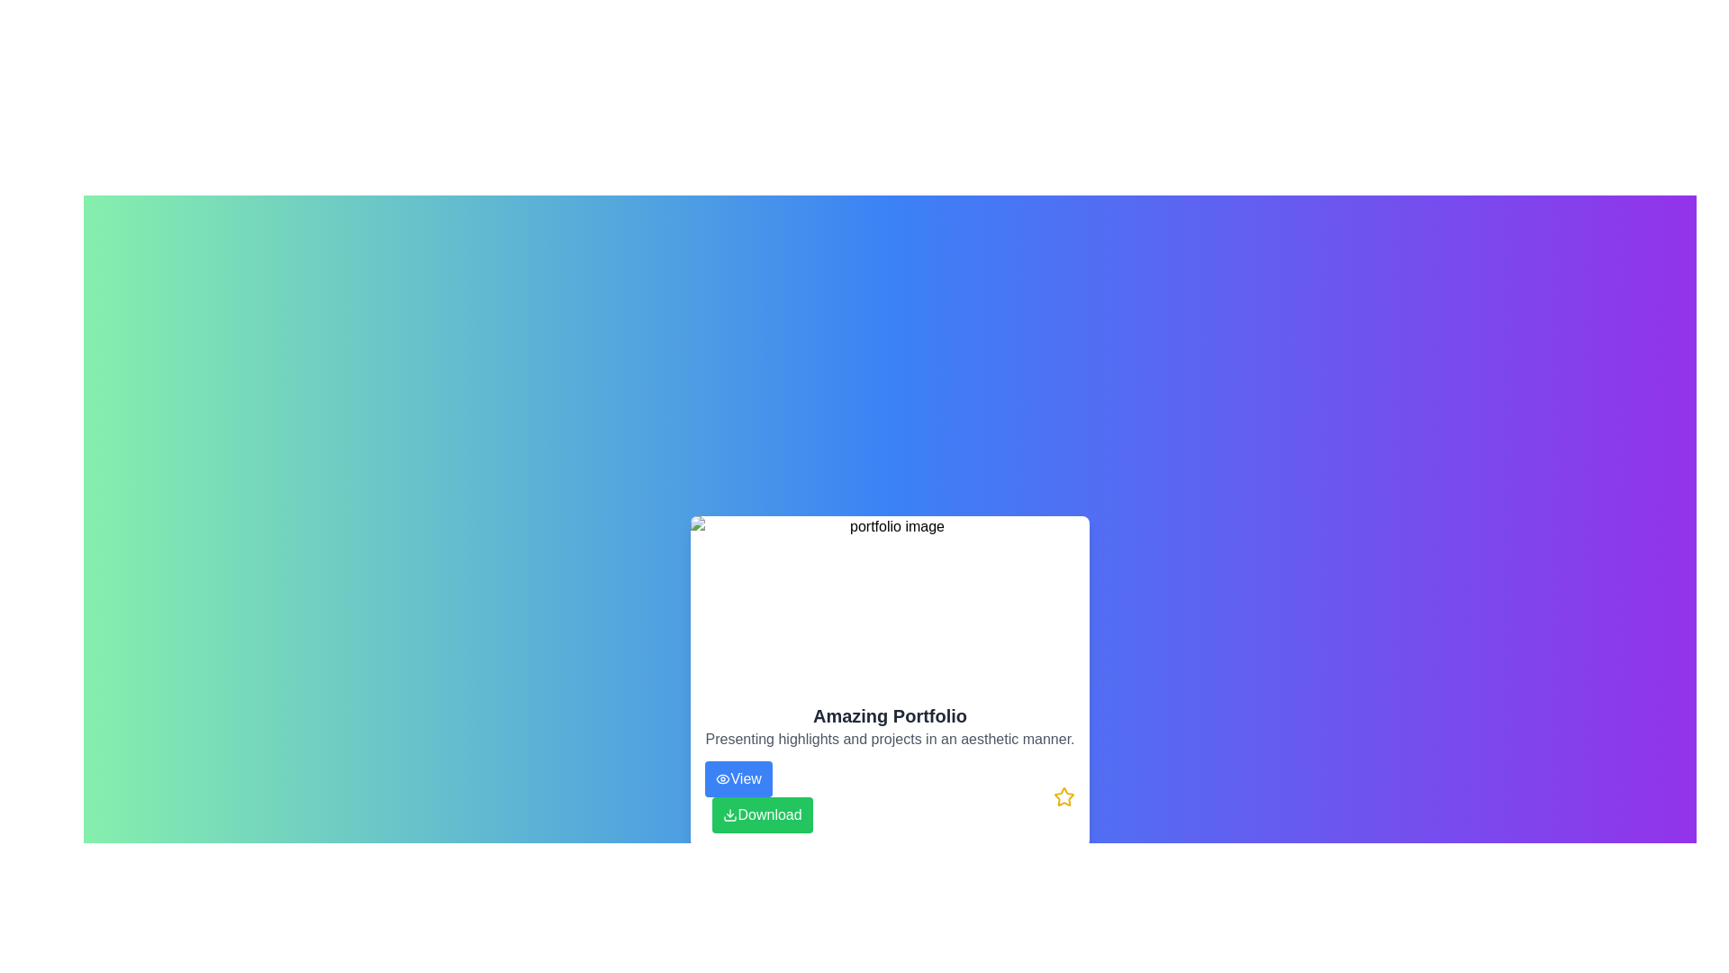 The height and width of the screenshot is (973, 1729). I want to click on the Text (Heading) element, which is located at the top of its card section and serves as the title for the section, so click(890, 714).